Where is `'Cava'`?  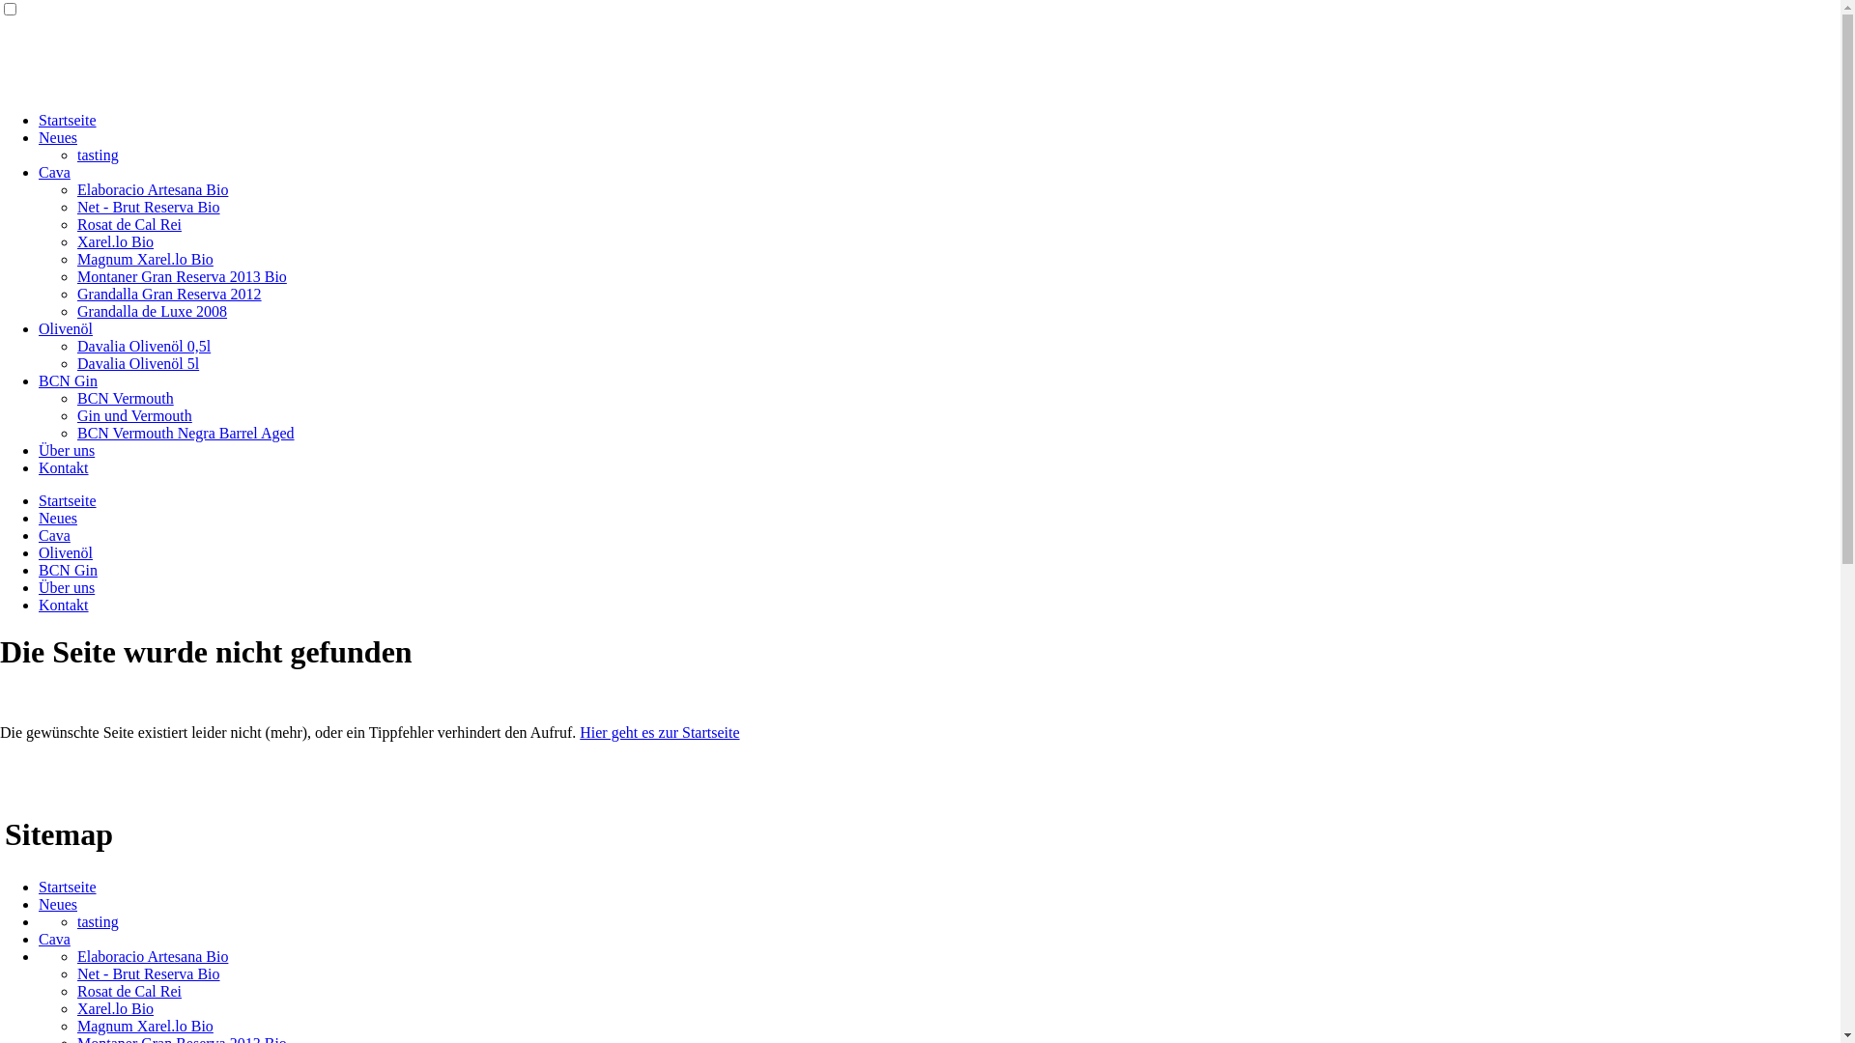 'Cava' is located at coordinates (54, 171).